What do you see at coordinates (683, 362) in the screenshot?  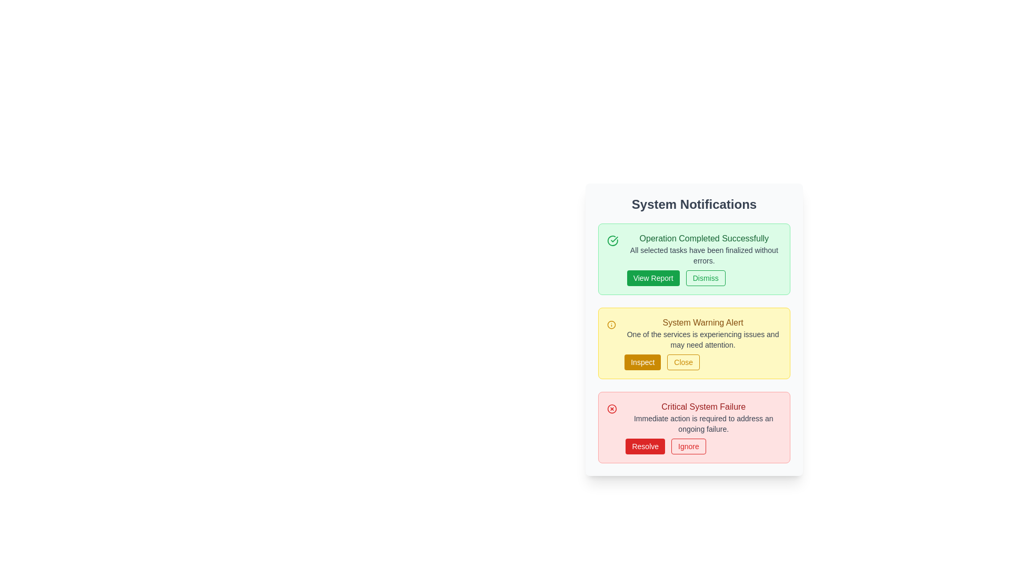 I see `the button designed to close or dismiss the 'System Warning Alert' notification` at bounding box center [683, 362].